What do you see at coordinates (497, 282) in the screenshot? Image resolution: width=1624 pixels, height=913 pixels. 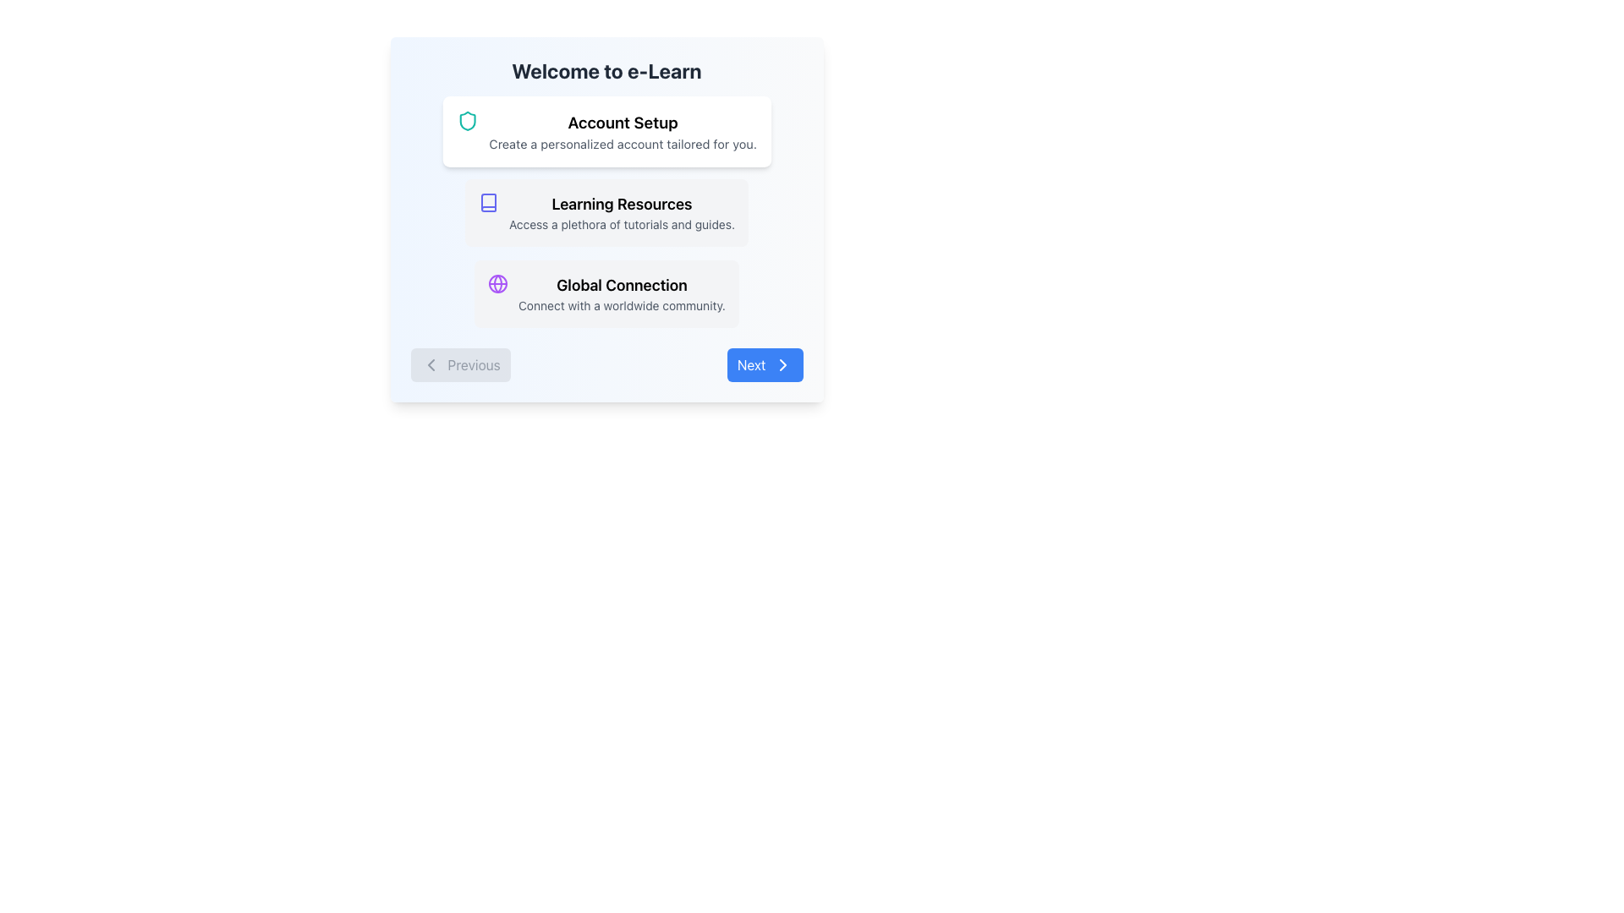 I see `the central curved line of the globe icon representing the 'Global Connection' menu option located to the left of the menu entry` at bounding box center [497, 282].